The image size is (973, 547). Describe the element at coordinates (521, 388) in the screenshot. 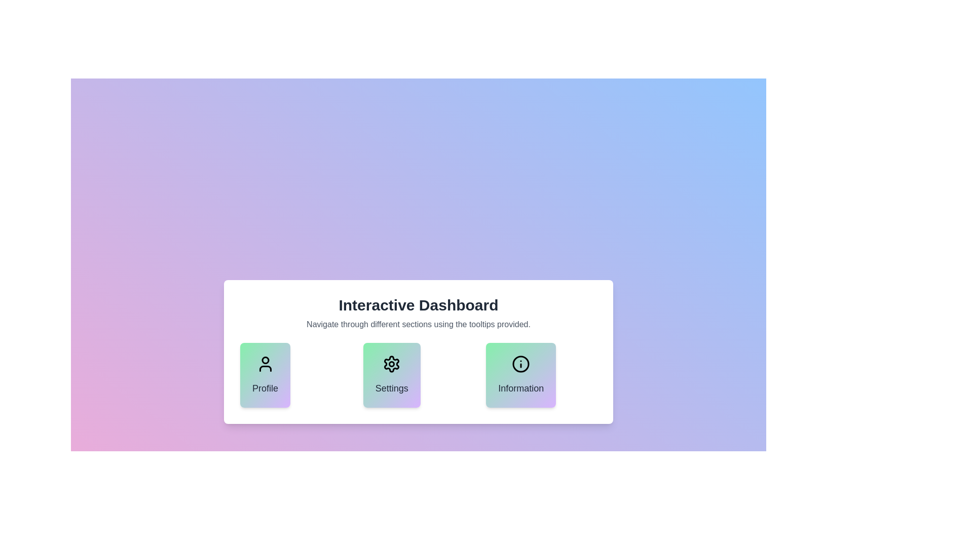

I see `the 'Information' text label, which is styled in bold font and located inside the colorful card on the right side of the row of three cards` at that location.